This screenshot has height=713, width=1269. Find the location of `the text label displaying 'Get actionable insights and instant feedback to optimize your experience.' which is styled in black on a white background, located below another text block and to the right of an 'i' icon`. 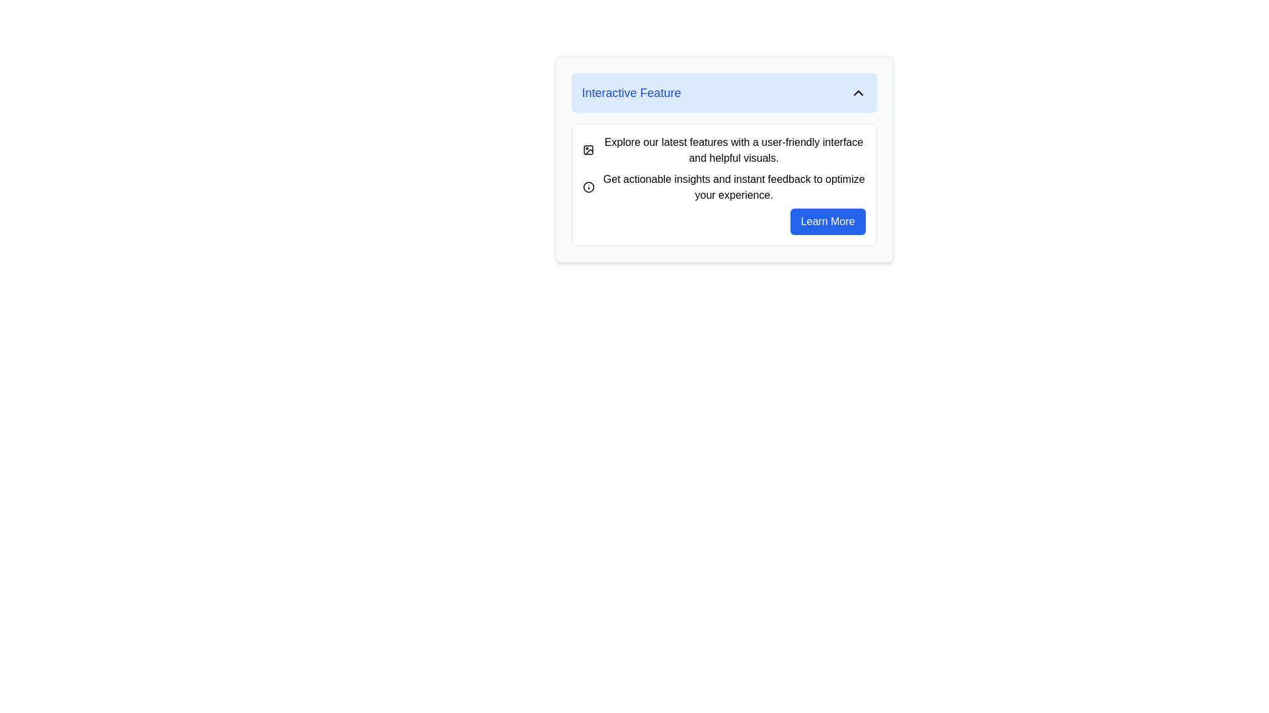

the text label displaying 'Get actionable insights and instant feedback to optimize your experience.' which is styled in black on a white background, located below another text block and to the right of an 'i' icon is located at coordinates (733, 187).